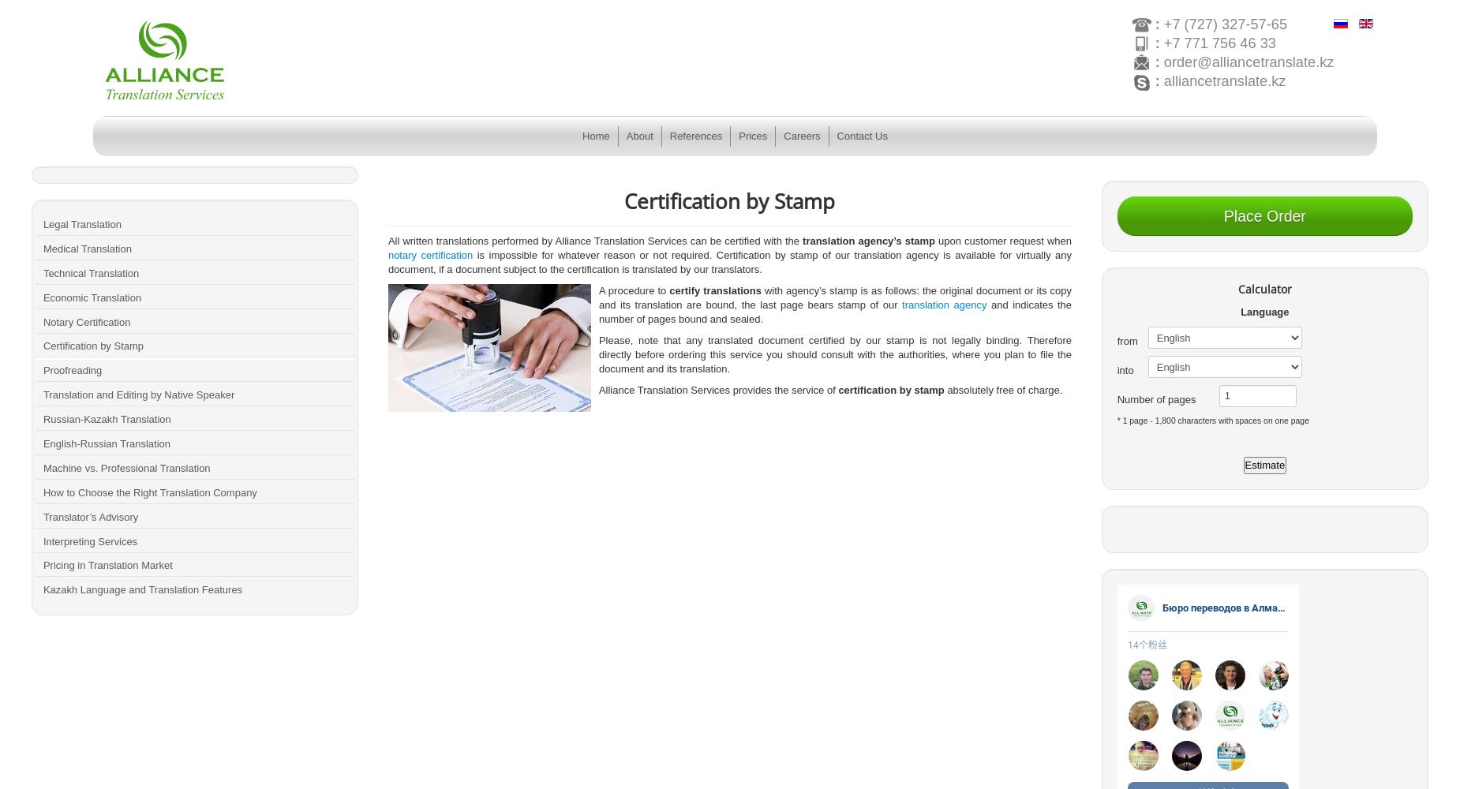 The width and height of the screenshot is (1460, 789). What do you see at coordinates (88, 540) in the screenshot?
I see `'Interpreting Services'` at bounding box center [88, 540].